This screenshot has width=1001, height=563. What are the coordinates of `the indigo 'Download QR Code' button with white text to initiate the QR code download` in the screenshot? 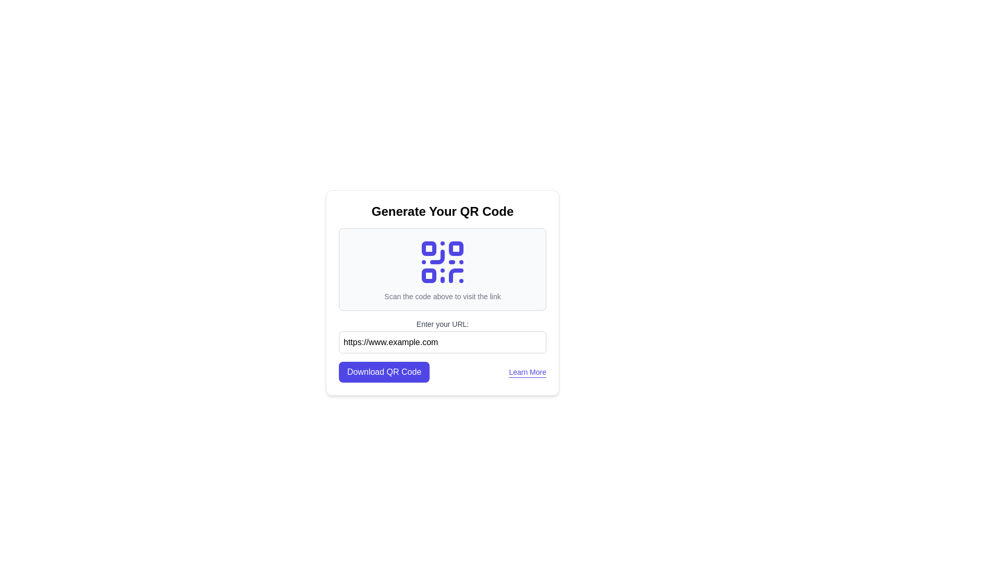 It's located at (384, 371).